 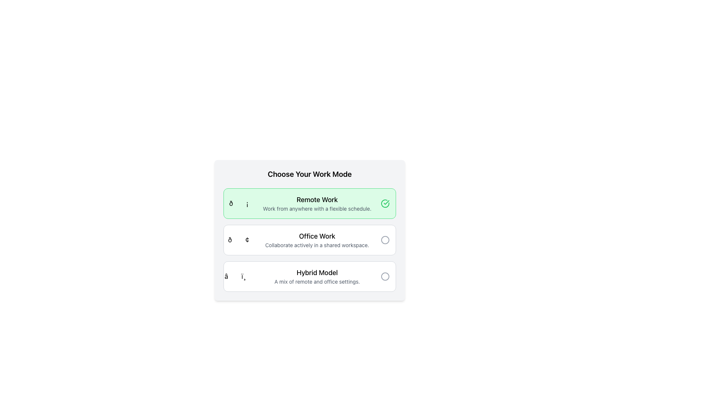 I want to click on text label that says 'Work from anywhere with a flexible schedule.' located in the green-highlighted 'Remote Work' section below the 'Remote Work' header, so click(x=317, y=208).